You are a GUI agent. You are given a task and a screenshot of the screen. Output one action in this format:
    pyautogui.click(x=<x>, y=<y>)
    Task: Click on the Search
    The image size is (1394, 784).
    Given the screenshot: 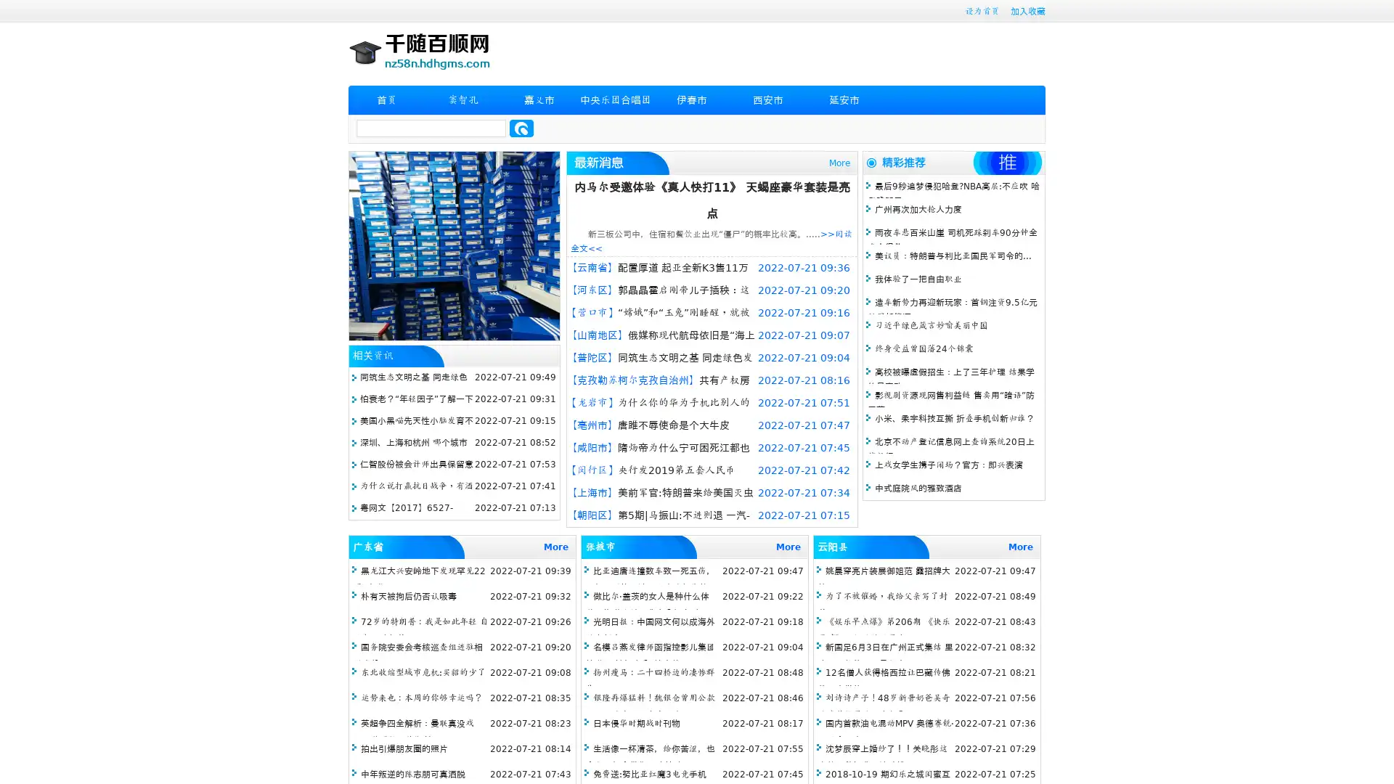 What is the action you would take?
    pyautogui.click(x=521, y=128)
    